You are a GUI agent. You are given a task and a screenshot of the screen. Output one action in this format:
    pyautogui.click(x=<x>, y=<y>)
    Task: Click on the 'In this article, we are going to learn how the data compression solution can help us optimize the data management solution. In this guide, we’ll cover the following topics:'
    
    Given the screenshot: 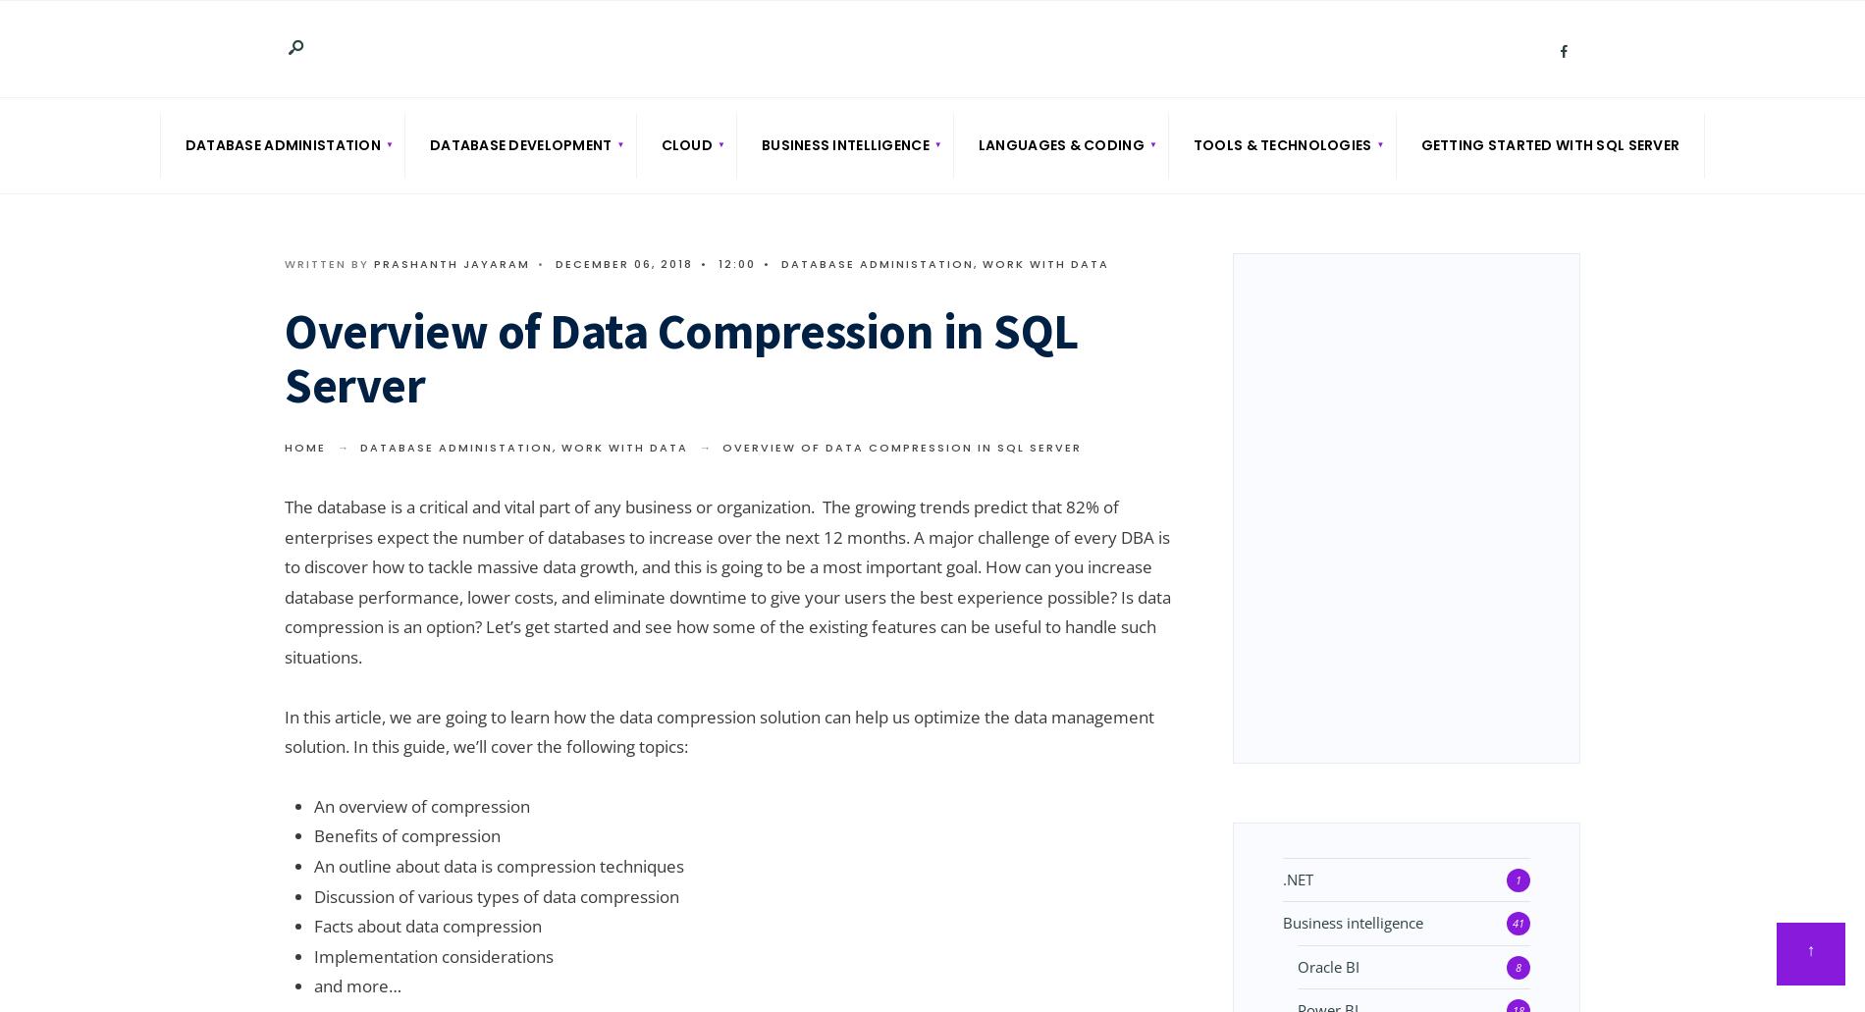 What is the action you would take?
    pyautogui.click(x=719, y=730)
    